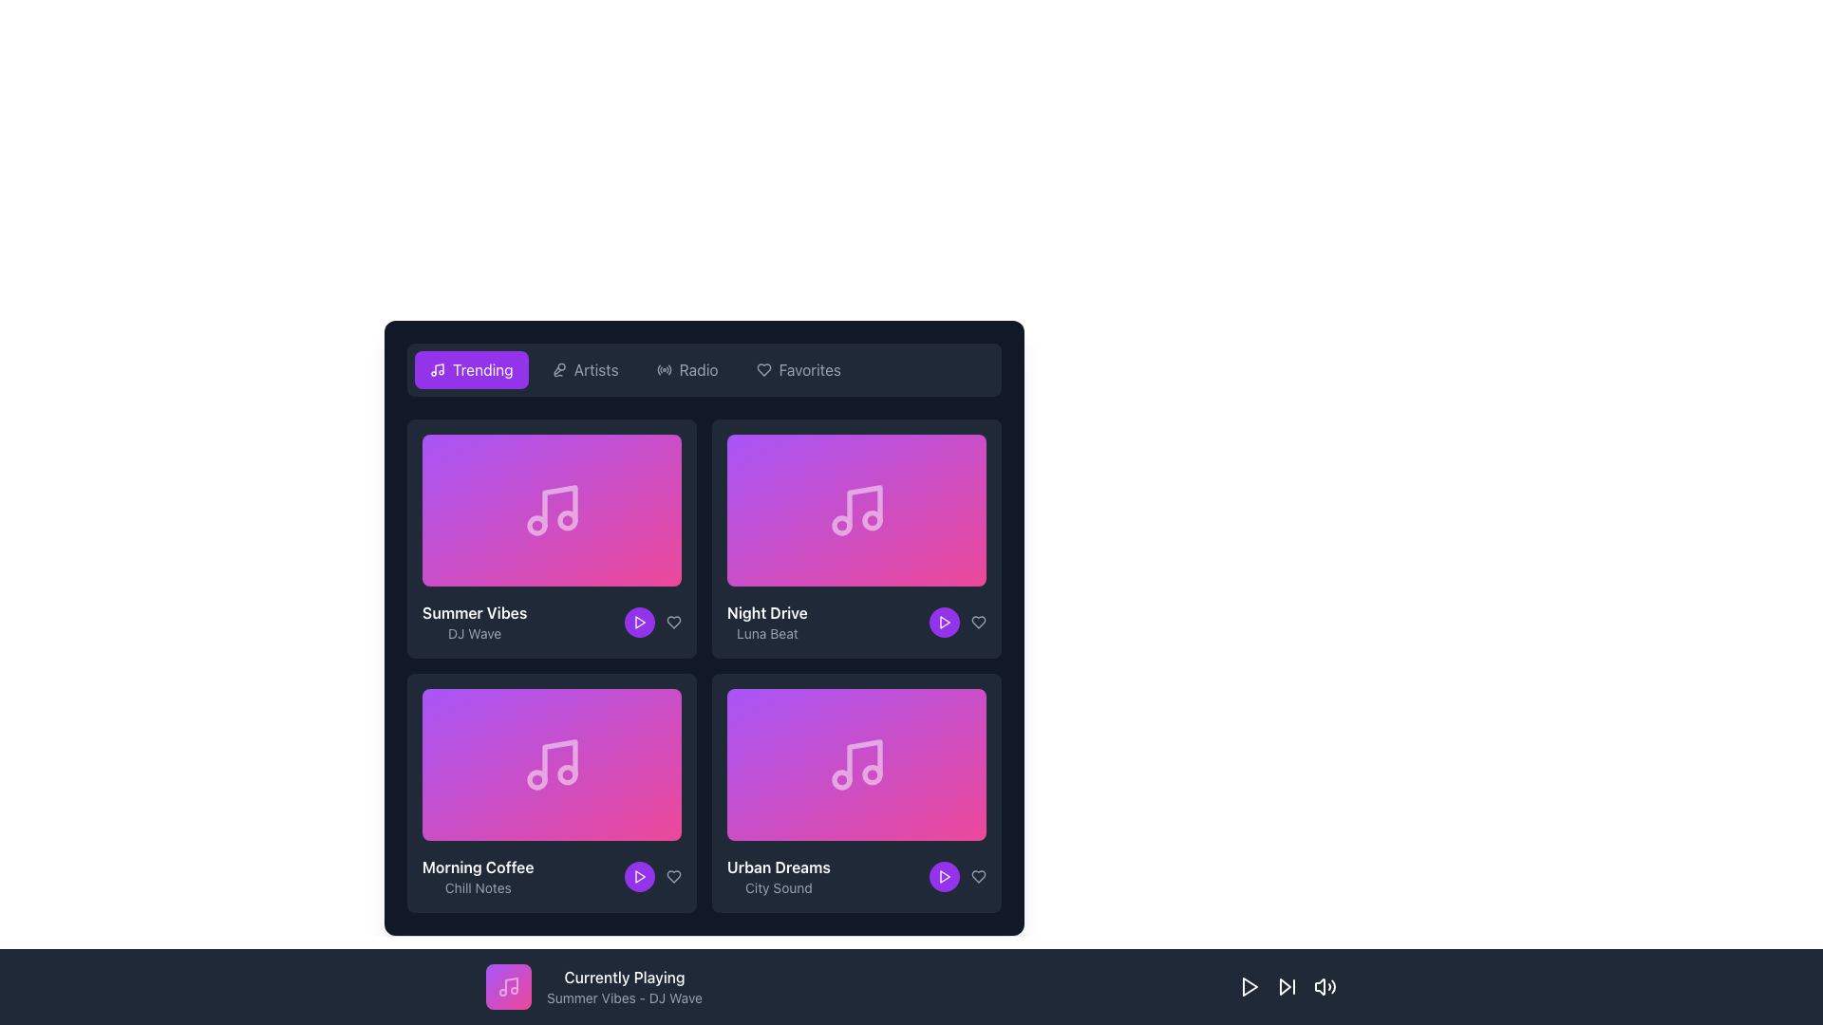  What do you see at coordinates (855, 538) in the screenshot?
I see `the play button on the music card representing a track, located as the second card in the first row of a grid layout below the navigation bar` at bounding box center [855, 538].